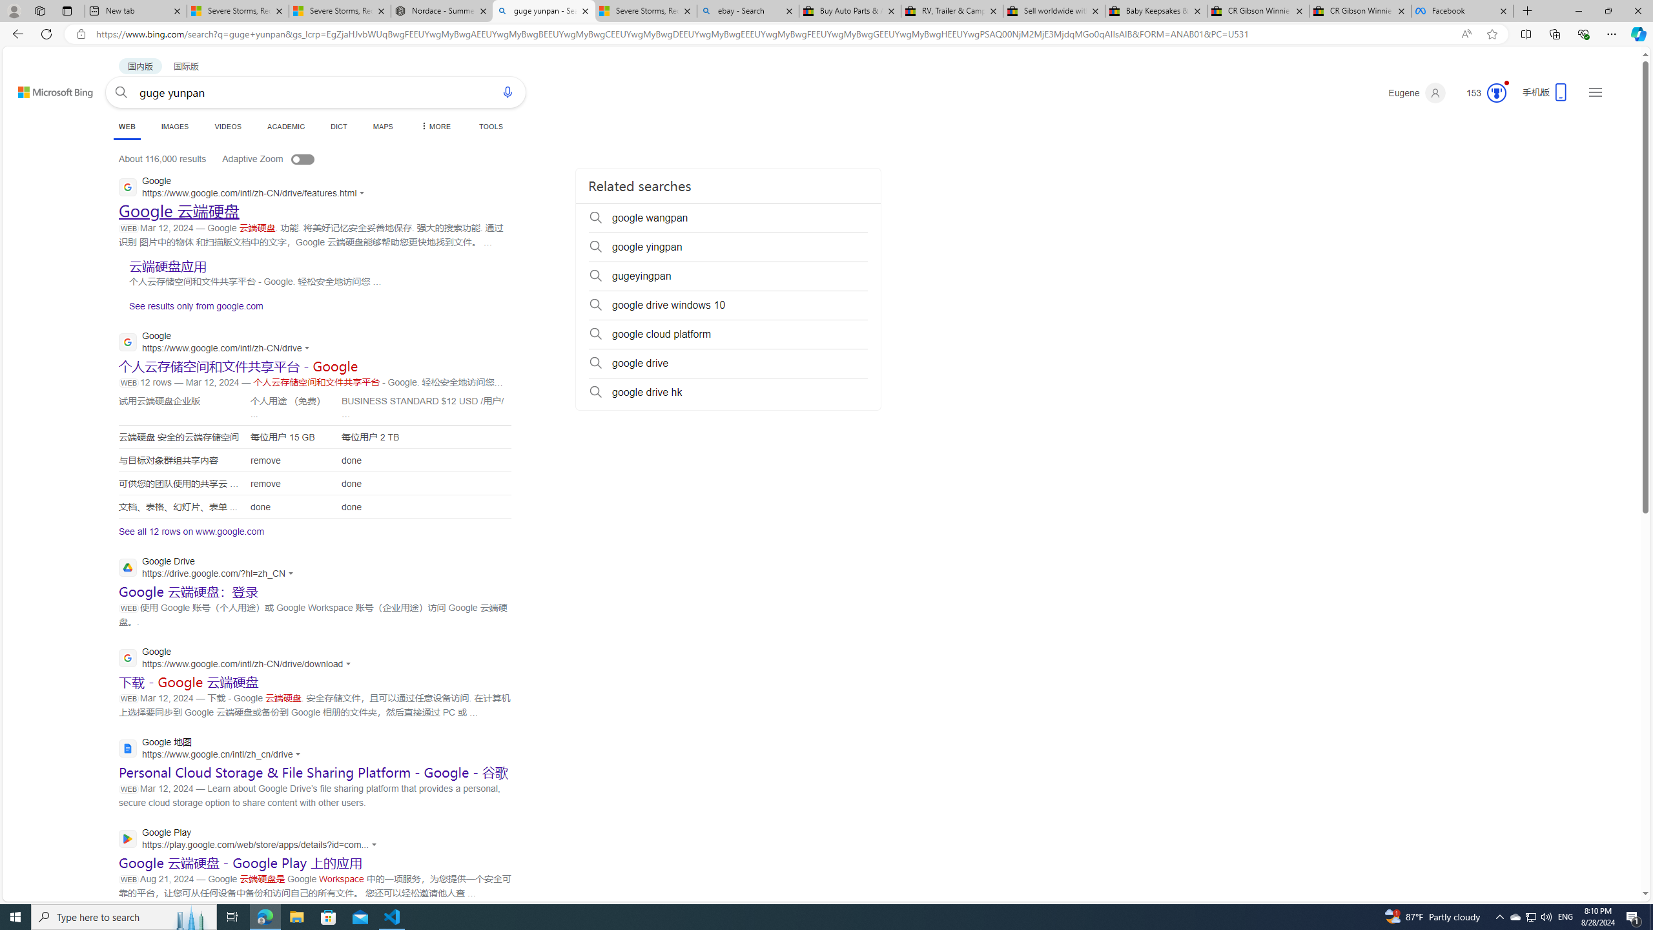  What do you see at coordinates (442, 10) in the screenshot?
I see `'Nordace - Summer Adventures 2024'` at bounding box center [442, 10].